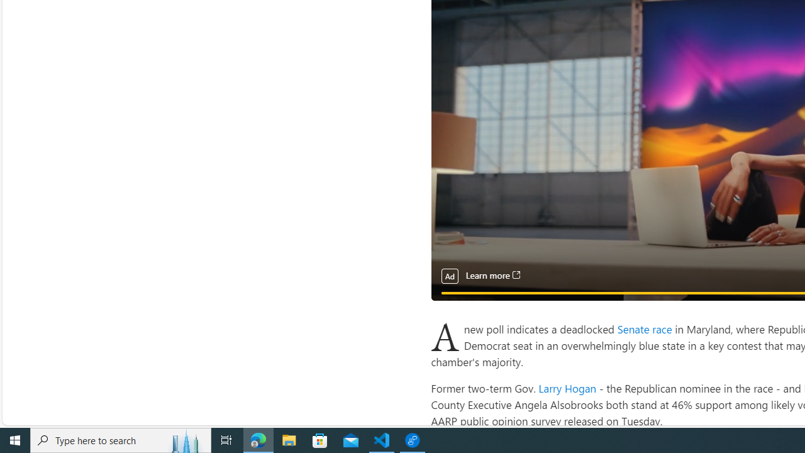 This screenshot has height=453, width=805. I want to click on 'Learn more', so click(492, 275).